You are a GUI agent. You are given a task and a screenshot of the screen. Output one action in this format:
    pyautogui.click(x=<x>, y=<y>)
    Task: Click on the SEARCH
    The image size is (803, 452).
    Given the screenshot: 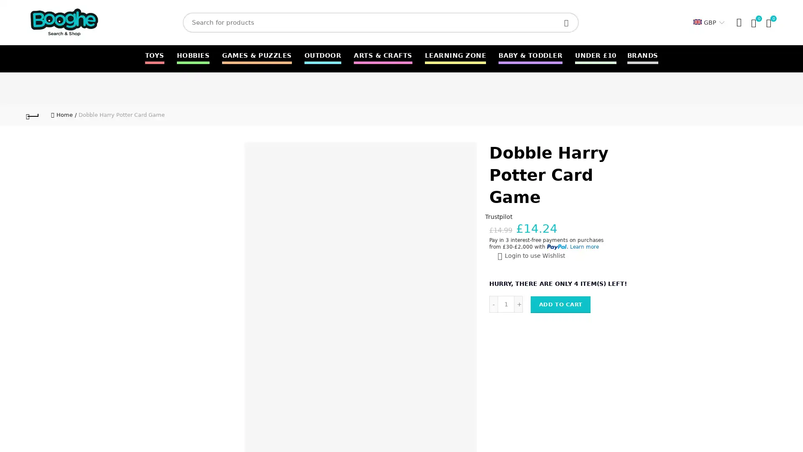 What is the action you would take?
    pyautogui.click(x=568, y=22)
    